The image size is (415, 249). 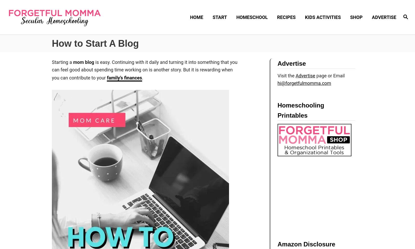 I want to click on 'family’s finances', so click(x=124, y=77).